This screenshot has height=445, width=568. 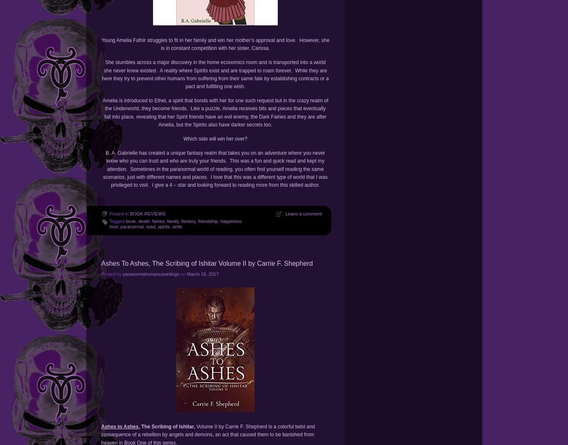 What do you see at coordinates (132, 226) in the screenshot?
I see `'paranormal'` at bounding box center [132, 226].